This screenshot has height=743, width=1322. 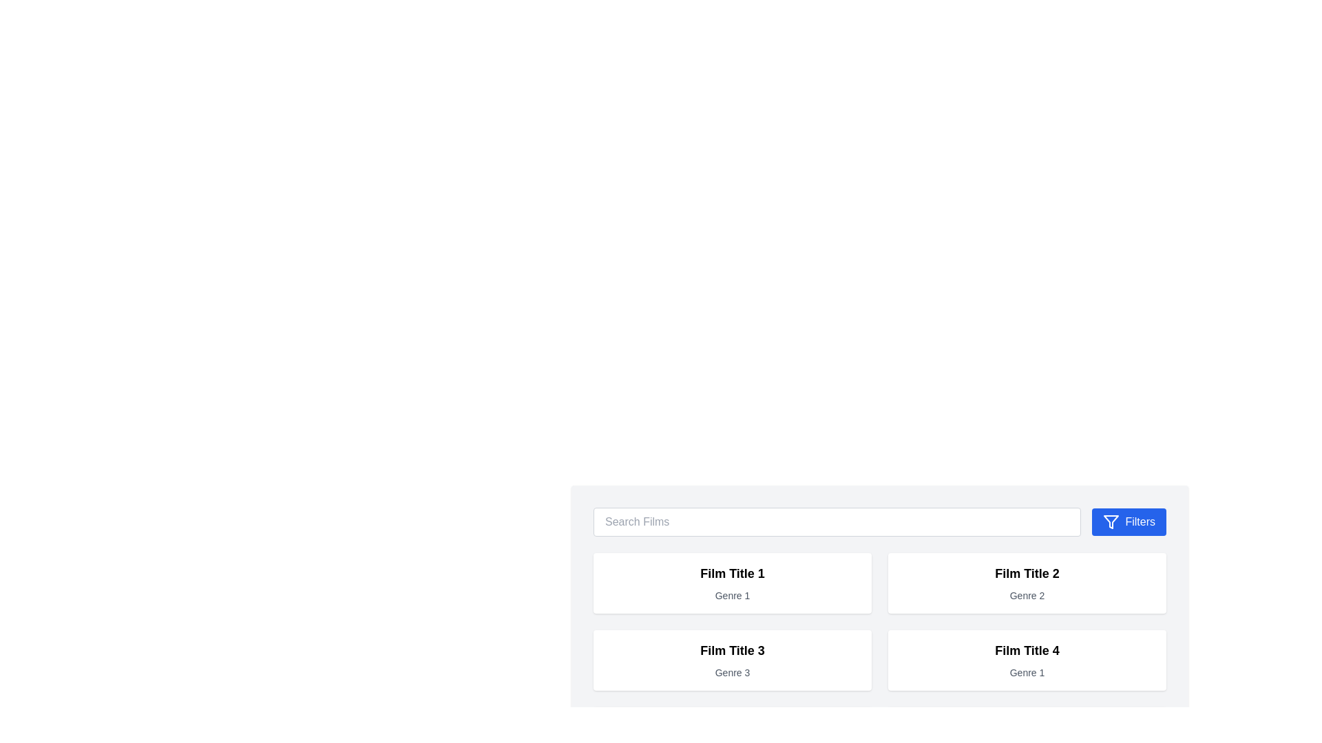 I want to click on the search bar located in the toolbar of the content block to focus on it for input, so click(x=879, y=522).